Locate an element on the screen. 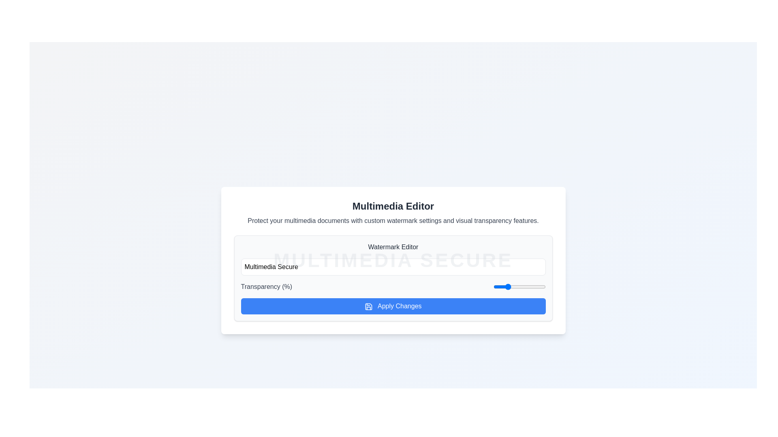 The image size is (778, 437). transparency is located at coordinates (519, 286).